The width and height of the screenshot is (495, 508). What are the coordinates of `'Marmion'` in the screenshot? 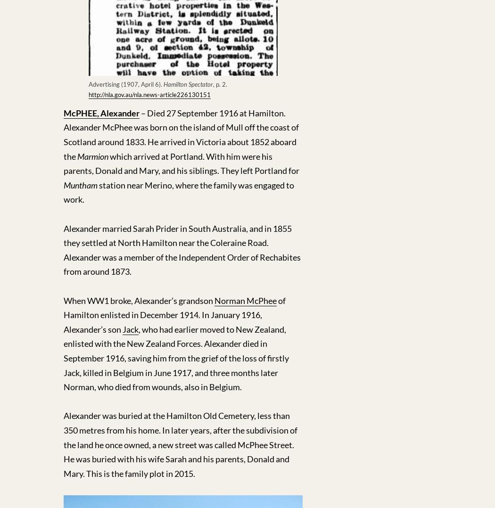 It's located at (92, 156).